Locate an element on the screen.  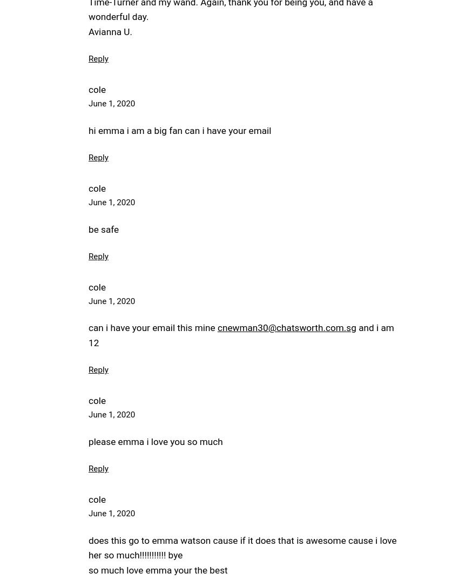
'Avianna U.' is located at coordinates (88, 31).